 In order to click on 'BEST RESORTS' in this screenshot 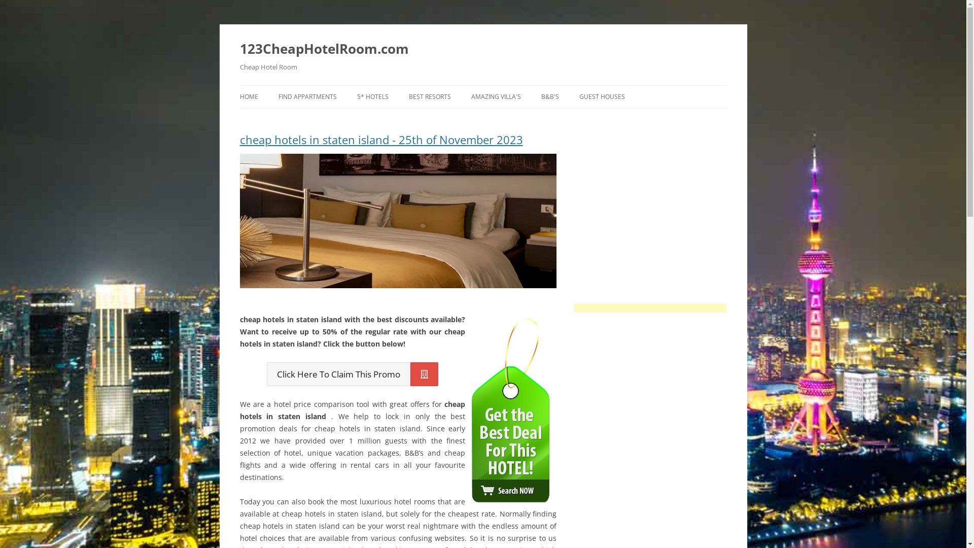, I will do `click(430, 97)`.